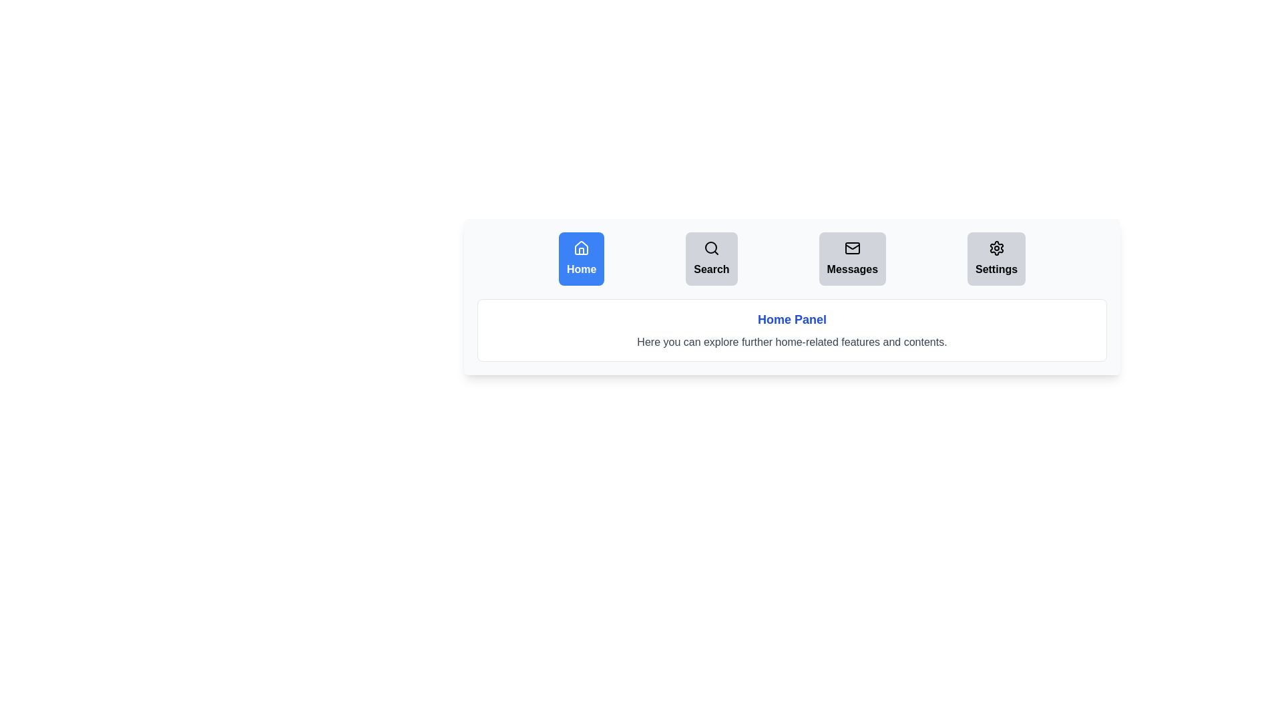 Image resolution: width=1282 pixels, height=721 pixels. Describe the element at coordinates (851, 270) in the screenshot. I see `the 'Messages' label, which serves to identify the functionality of the 'Messages' button in the navigation bar` at that location.